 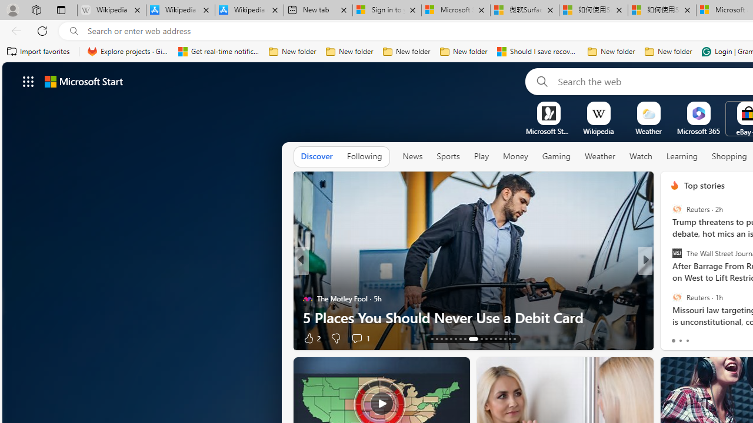 I want to click on 'Watch', so click(x=640, y=156).